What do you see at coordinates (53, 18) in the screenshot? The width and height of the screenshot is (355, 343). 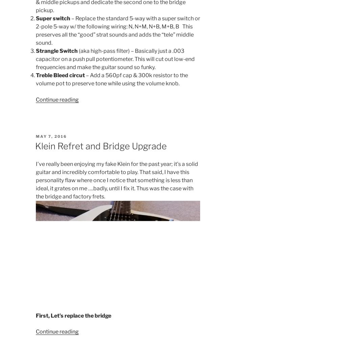 I see `'Super switch'` at bounding box center [53, 18].